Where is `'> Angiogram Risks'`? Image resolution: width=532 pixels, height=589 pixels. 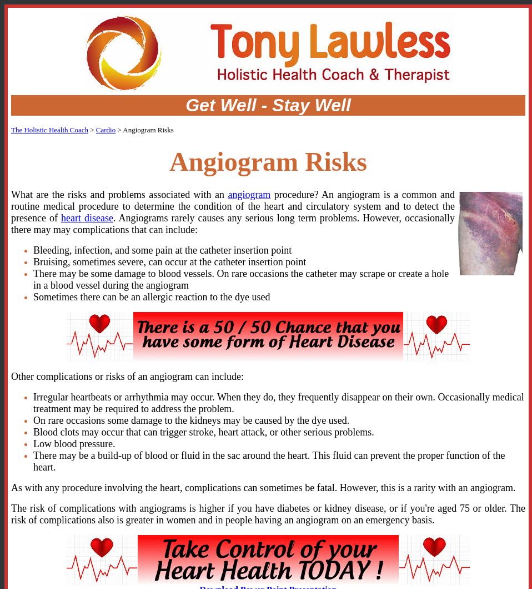
'> Angiogram Risks' is located at coordinates (144, 130).